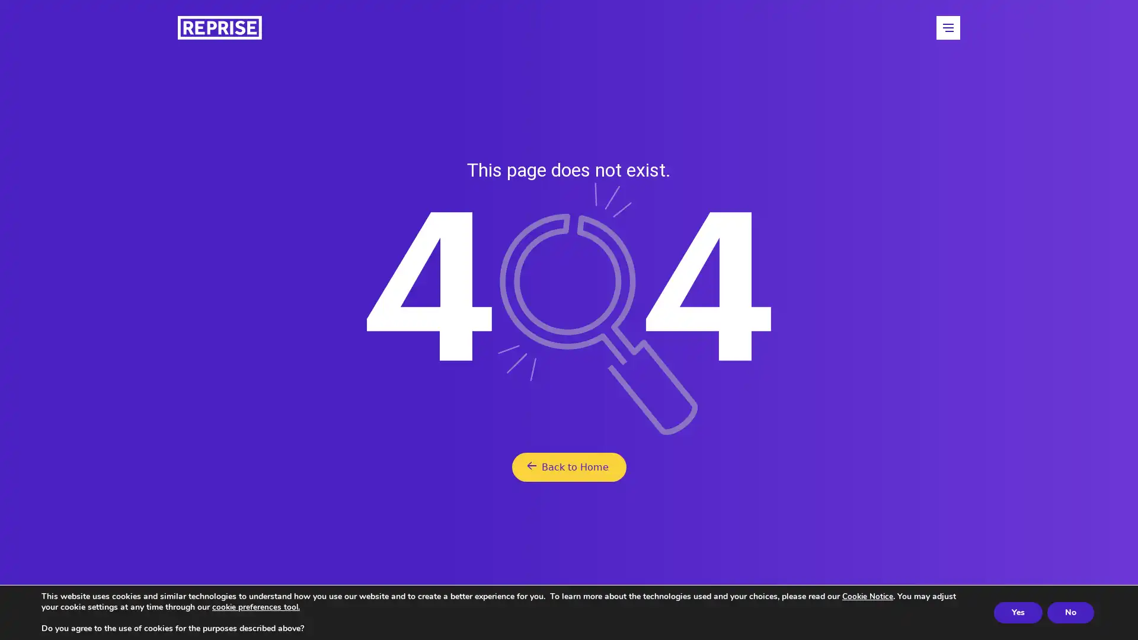 Image resolution: width=1138 pixels, height=640 pixels. What do you see at coordinates (1070, 612) in the screenshot?
I see `No` at bounding box center [1070, 612].